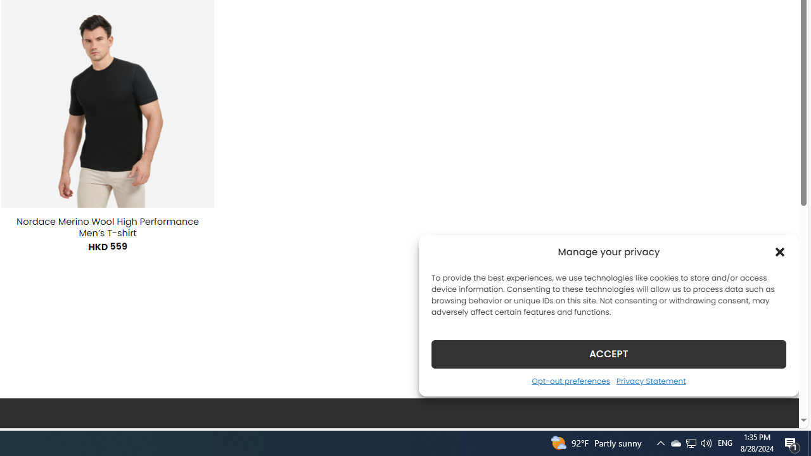 The image size is (811, 456). What do you see at coordinates (651, 380) in the screenshot?
I see `'Privacy Statement'` at bounding box center [651, 380].